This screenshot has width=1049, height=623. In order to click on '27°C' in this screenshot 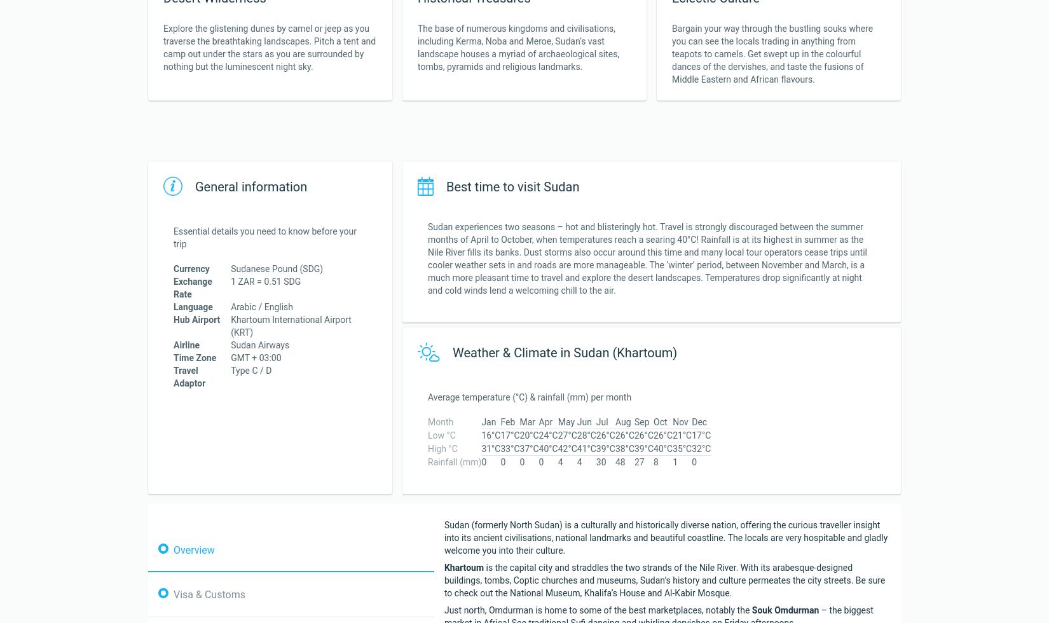, I will do `click(566, 435)`.